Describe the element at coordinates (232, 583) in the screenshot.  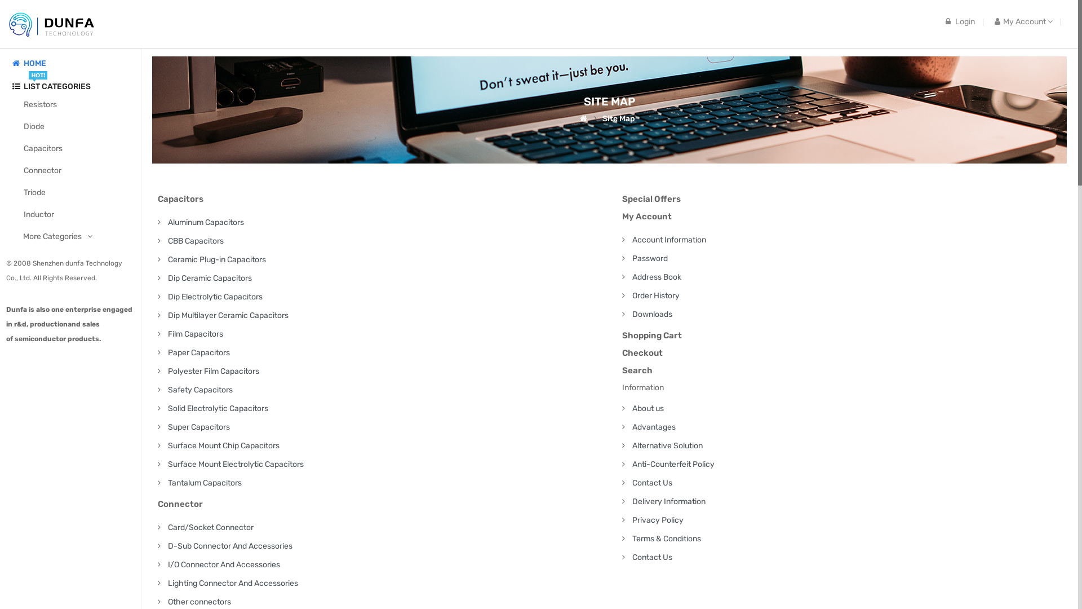
I see `'Lighting Connector And Accessories'` at that location.